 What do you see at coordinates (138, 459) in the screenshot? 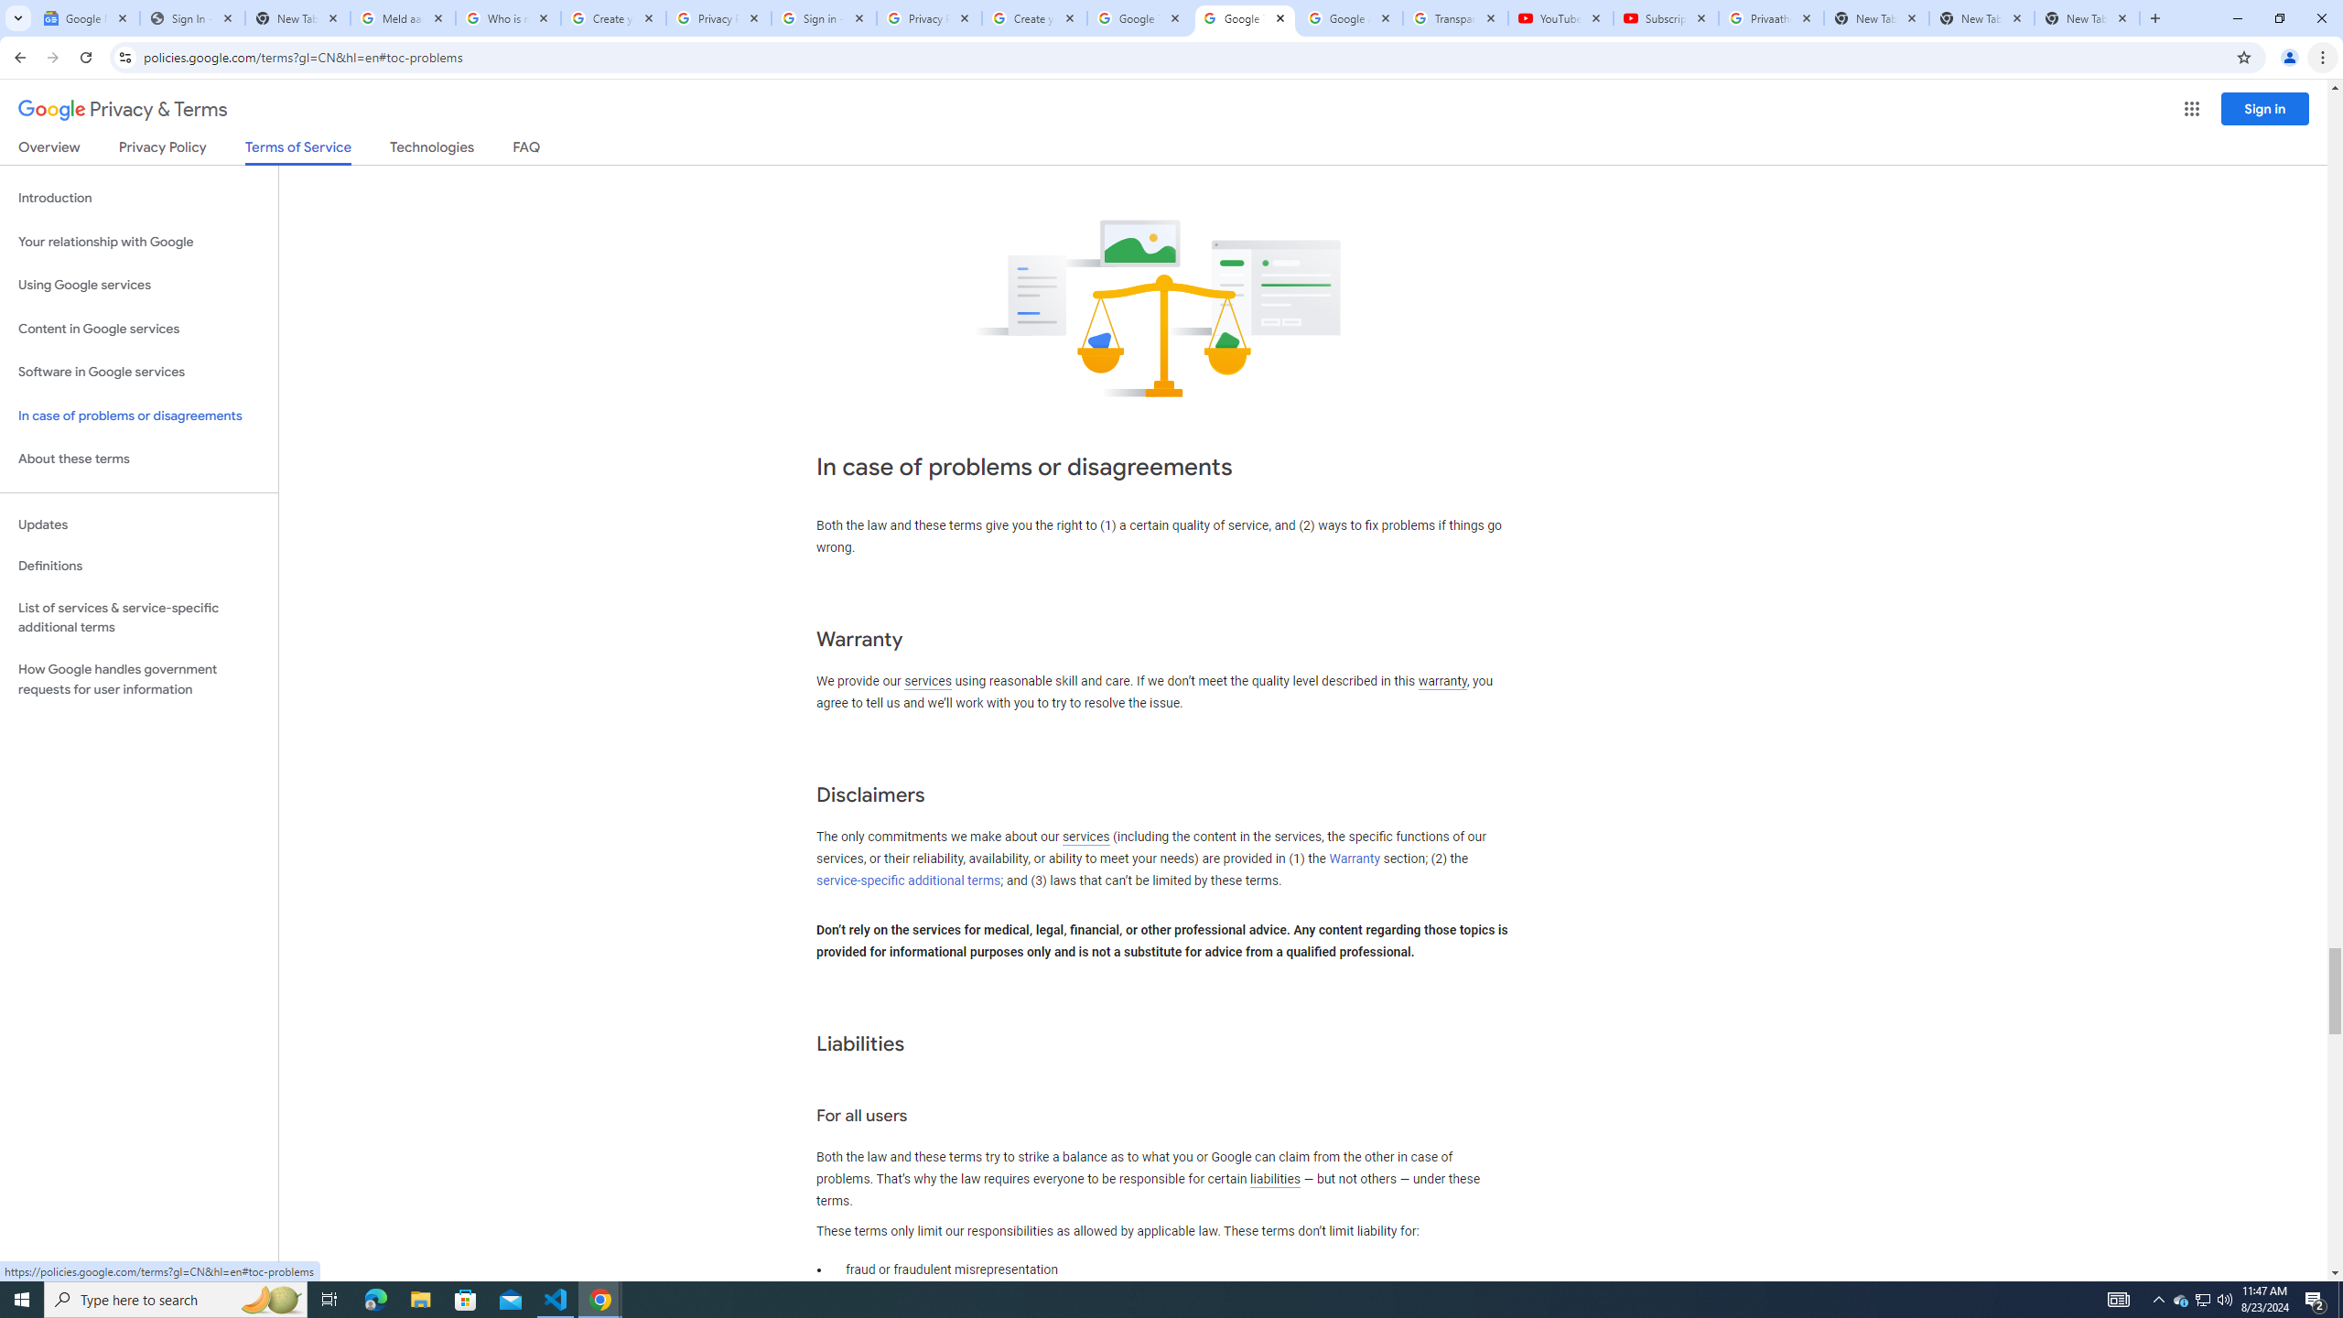
I see `'About these terms'` at bounding box center [138, 459].